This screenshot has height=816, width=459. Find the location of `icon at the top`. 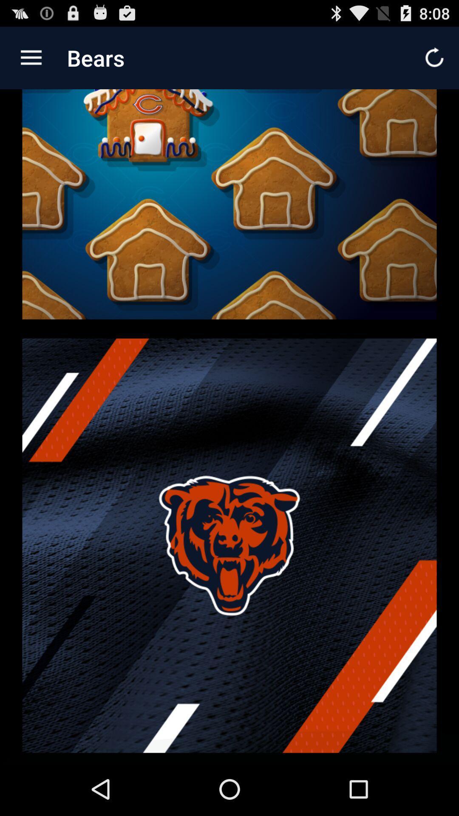

icon at the top is located at coordinates (229, 209).